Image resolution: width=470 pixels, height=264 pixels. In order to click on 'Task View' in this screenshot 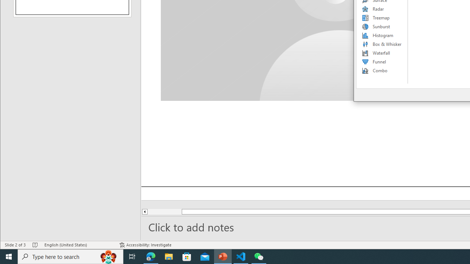, I will do `click(132, 256)`.